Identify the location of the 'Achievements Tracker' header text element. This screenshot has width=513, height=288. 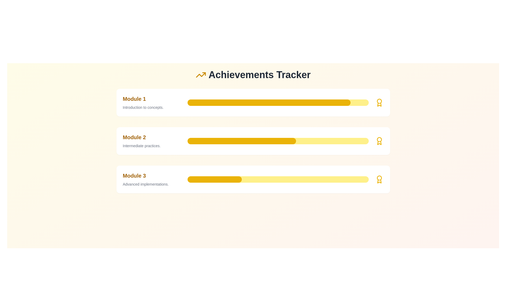
(253, 75).